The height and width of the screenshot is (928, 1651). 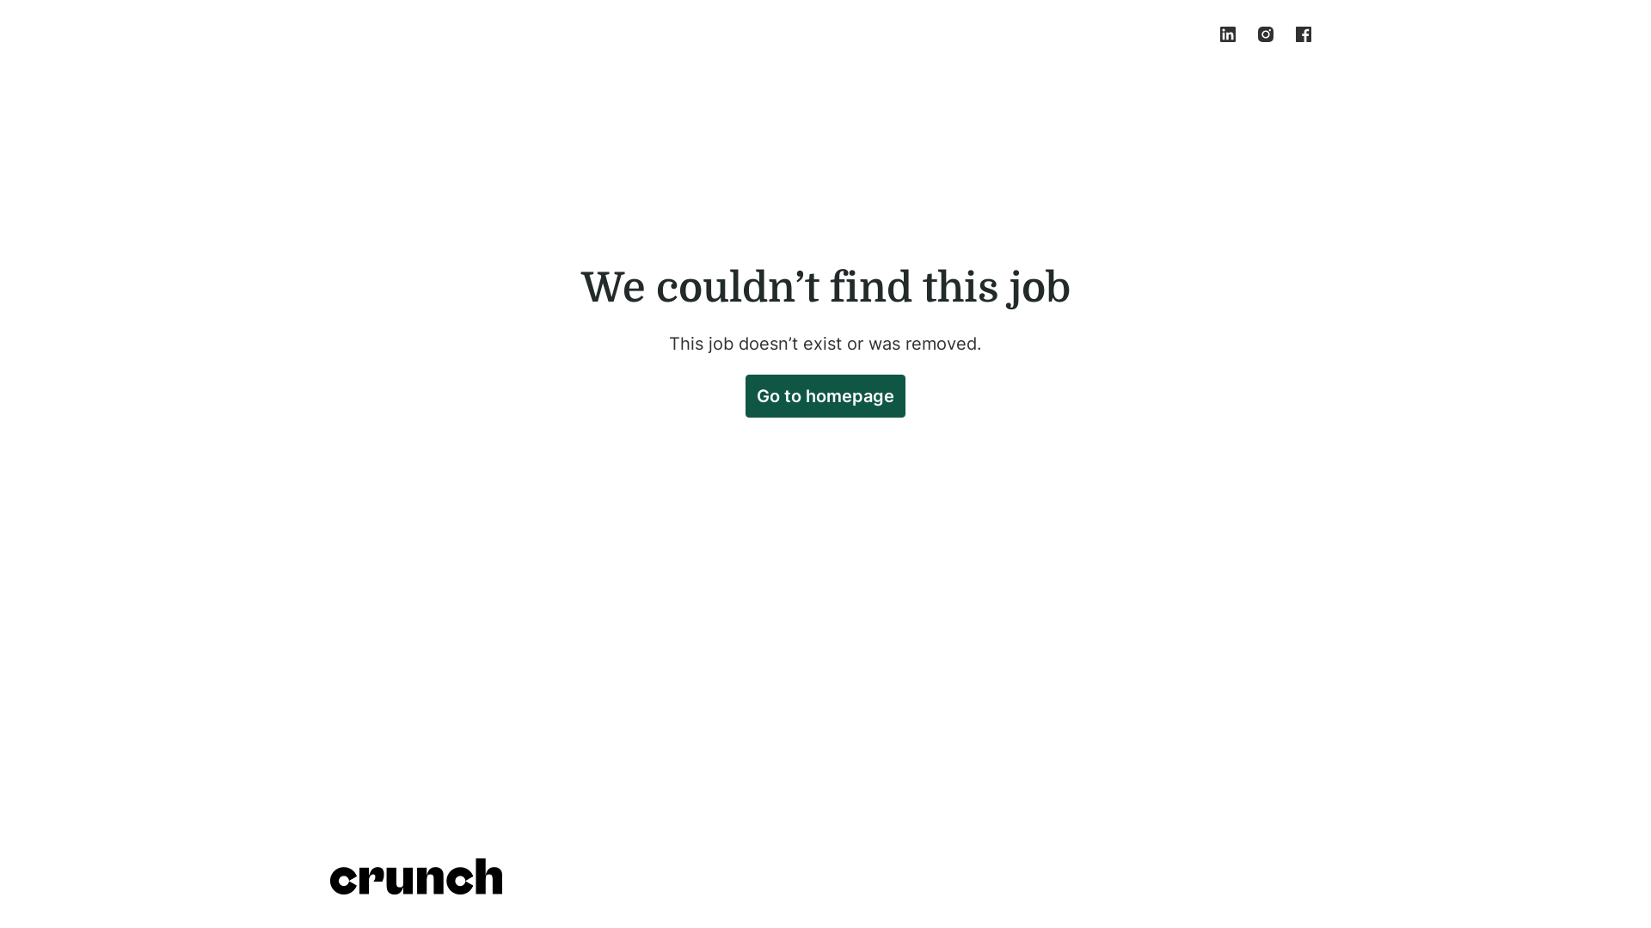 I want to click on 'facebook', so click(x=1304, y=34).